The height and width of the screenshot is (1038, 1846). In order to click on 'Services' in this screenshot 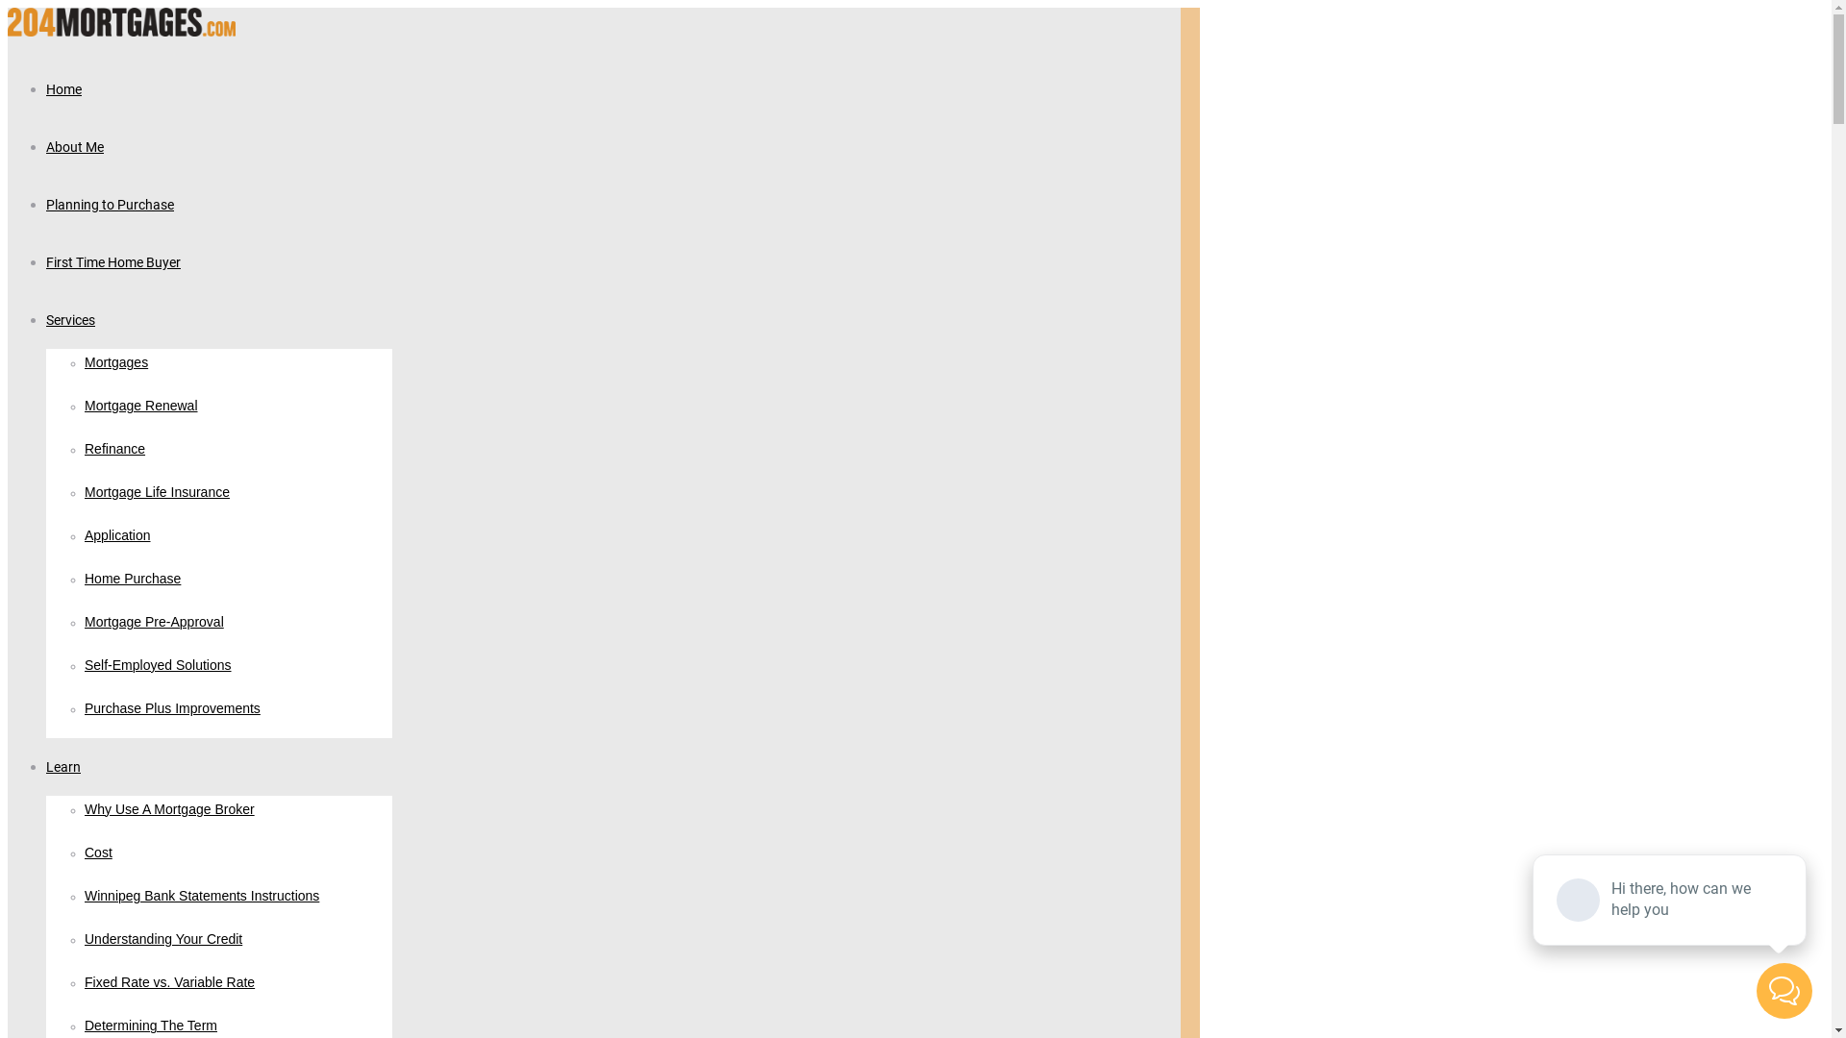, I will do `click(70, 318)`.